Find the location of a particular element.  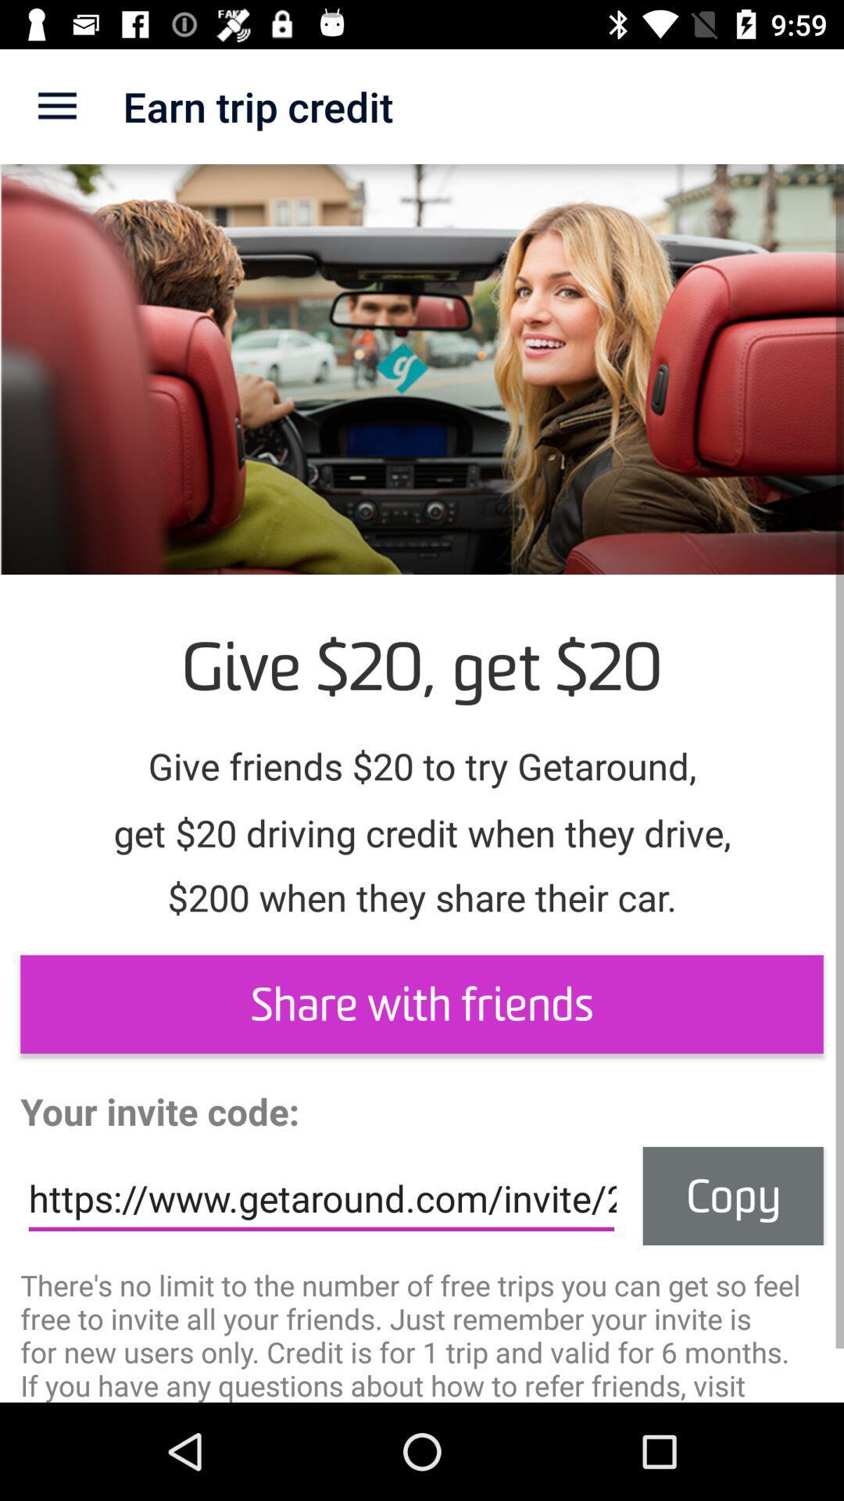

there s no icon is located at coordinates (422, 1333).